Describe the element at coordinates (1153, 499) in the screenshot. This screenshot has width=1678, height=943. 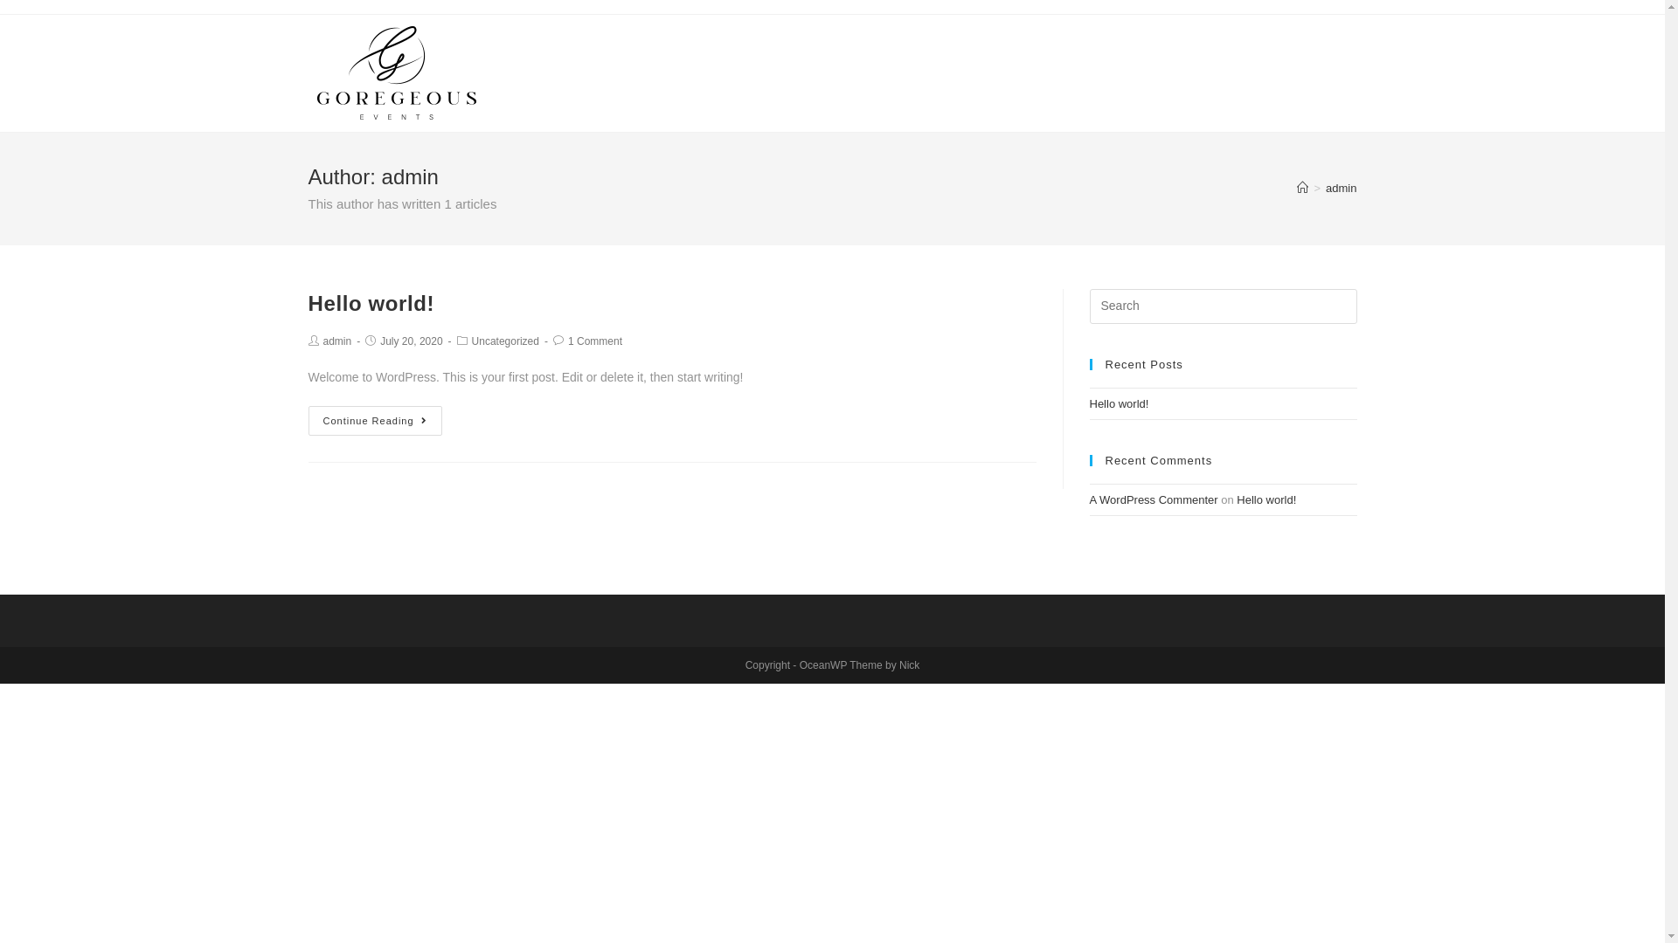
I see `'A WordPress Commenter'` at that location.